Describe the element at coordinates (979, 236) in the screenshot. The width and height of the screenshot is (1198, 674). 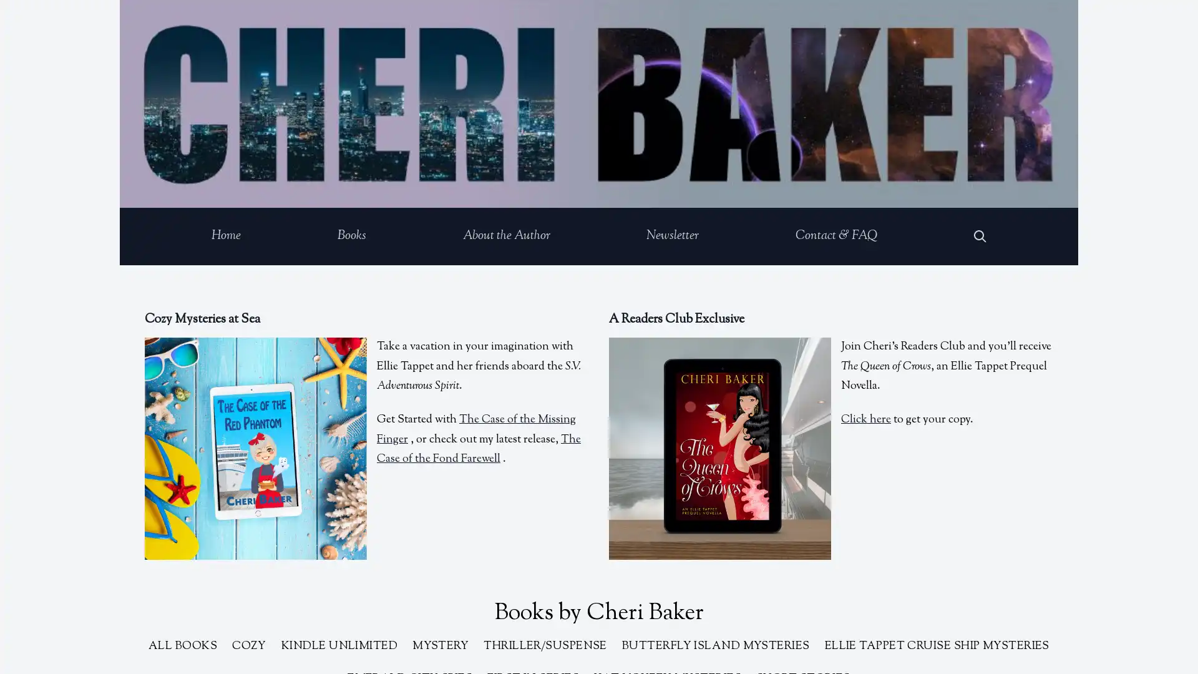
I see `Open Search Dialog` at that location.